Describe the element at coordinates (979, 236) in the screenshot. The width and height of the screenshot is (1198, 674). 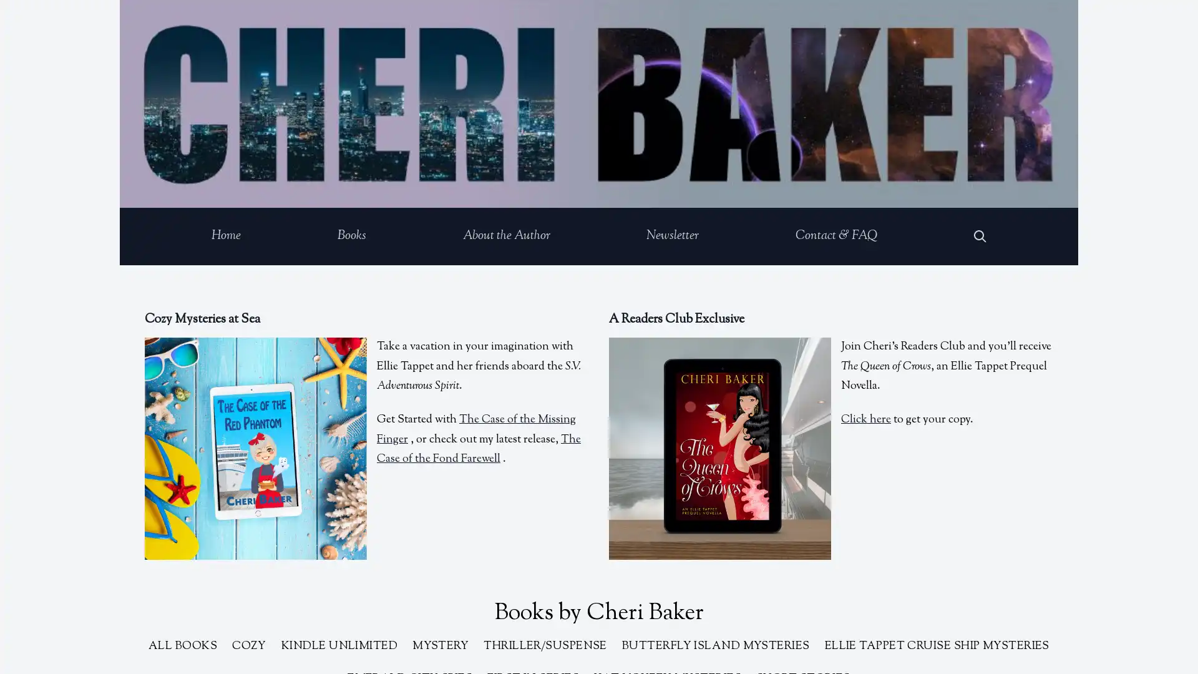
I see `Open Search Dialog` at that location.